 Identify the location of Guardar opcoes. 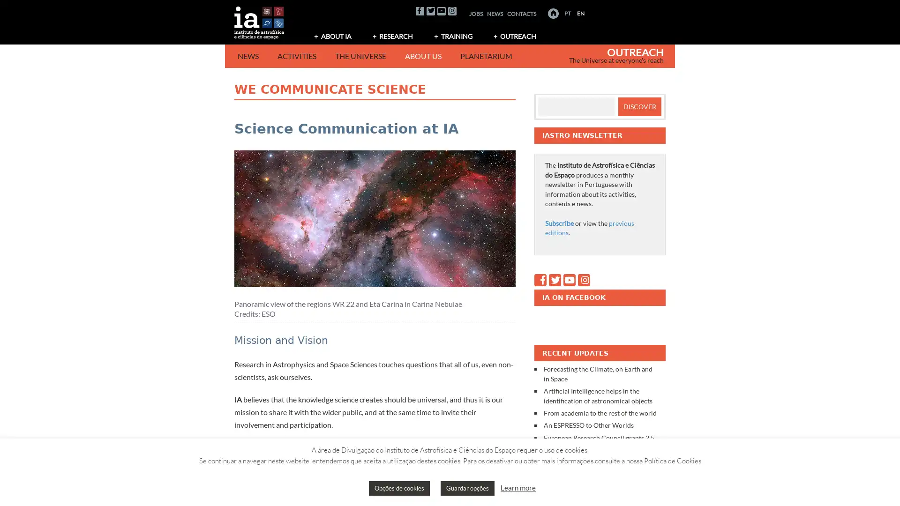
(467, 488).